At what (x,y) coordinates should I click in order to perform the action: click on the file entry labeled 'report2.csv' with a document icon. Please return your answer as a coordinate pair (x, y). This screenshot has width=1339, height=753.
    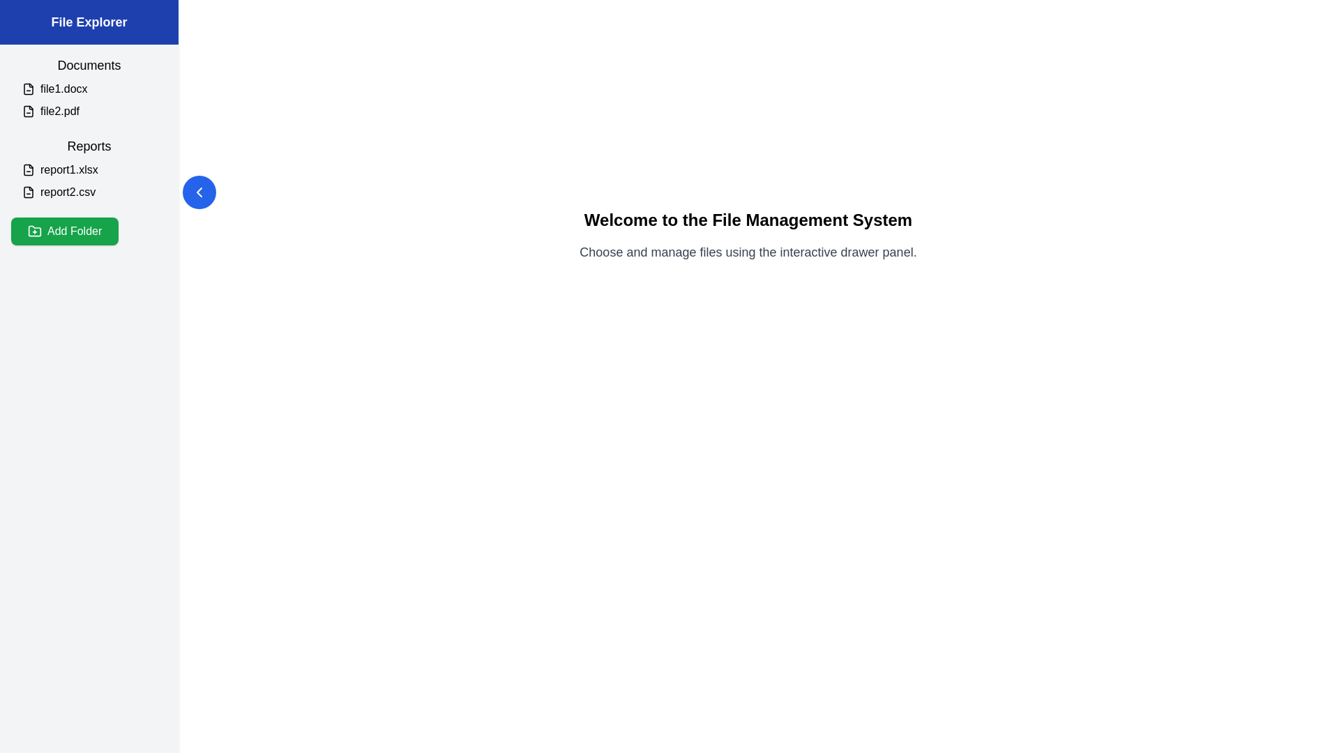
    Looking at the image, I should click on (93, 192).